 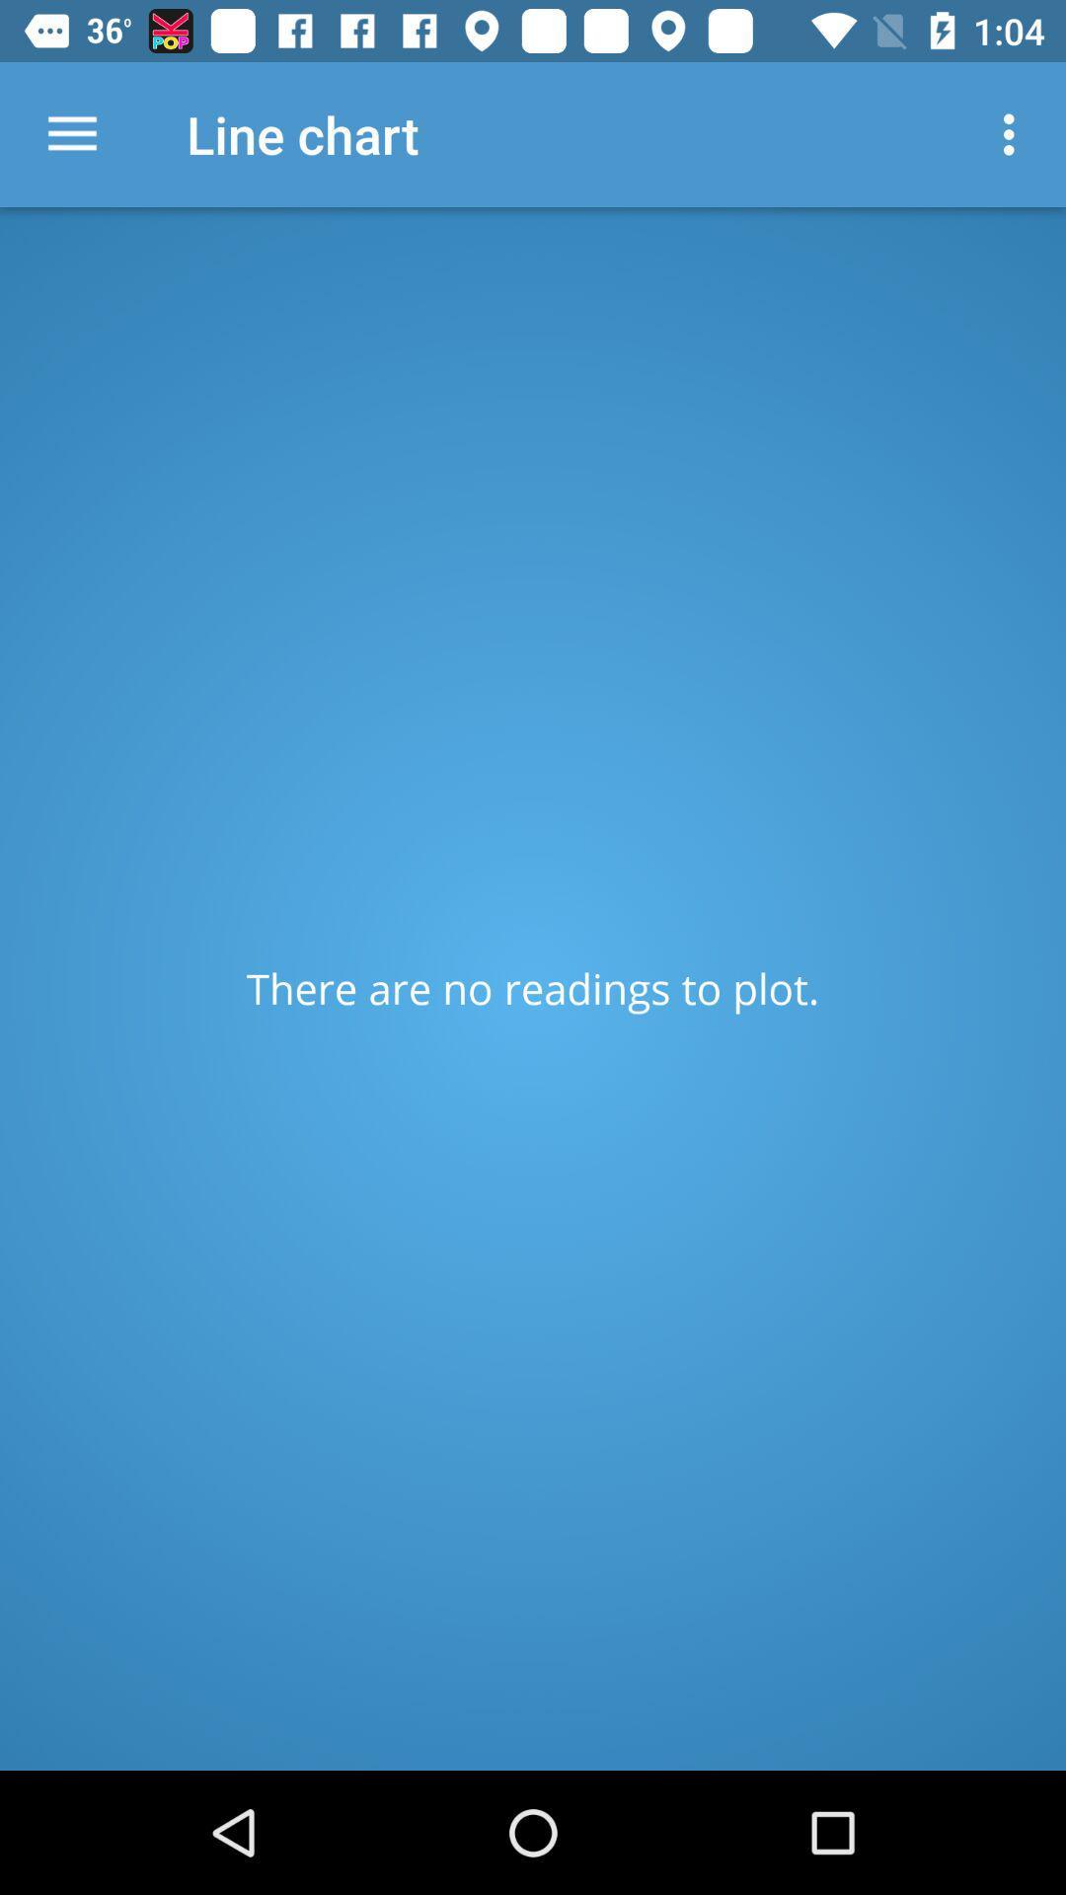 What do you see at coordinates (1014, 133) in the screenshot?
I see `item at the top right corner` at bounding box center [1014, 133].